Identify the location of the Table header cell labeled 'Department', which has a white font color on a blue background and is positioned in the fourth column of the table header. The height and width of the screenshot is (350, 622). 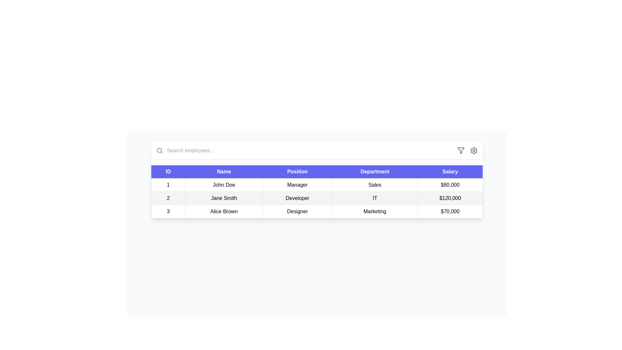
(375, 171).